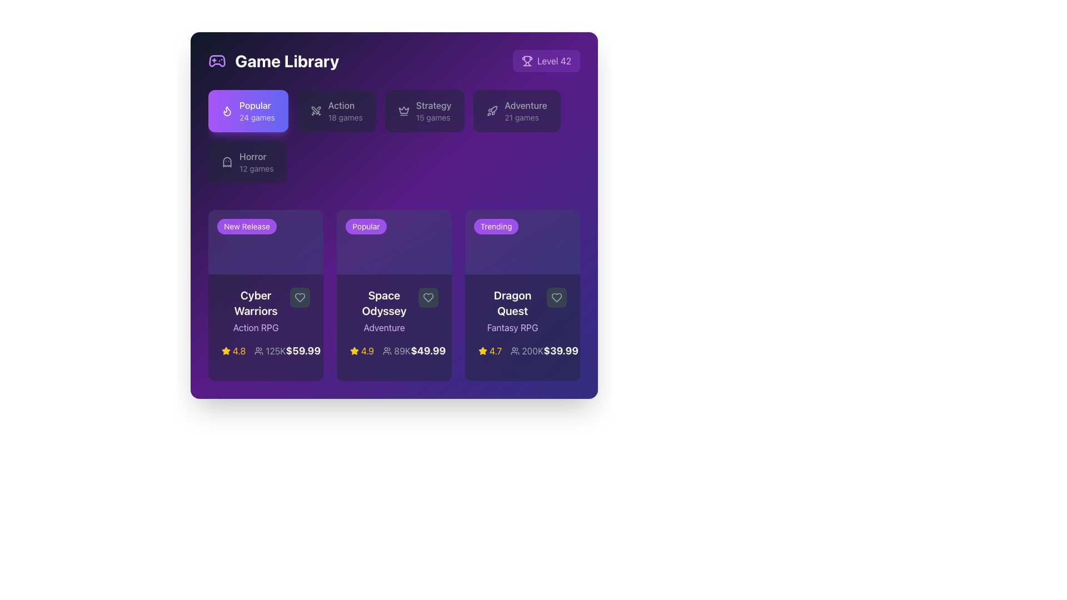 The height and width of the screenshot is (600, 1067). I want to click on the button displaying a sword icon and the text 'Action', so click(336, 111).